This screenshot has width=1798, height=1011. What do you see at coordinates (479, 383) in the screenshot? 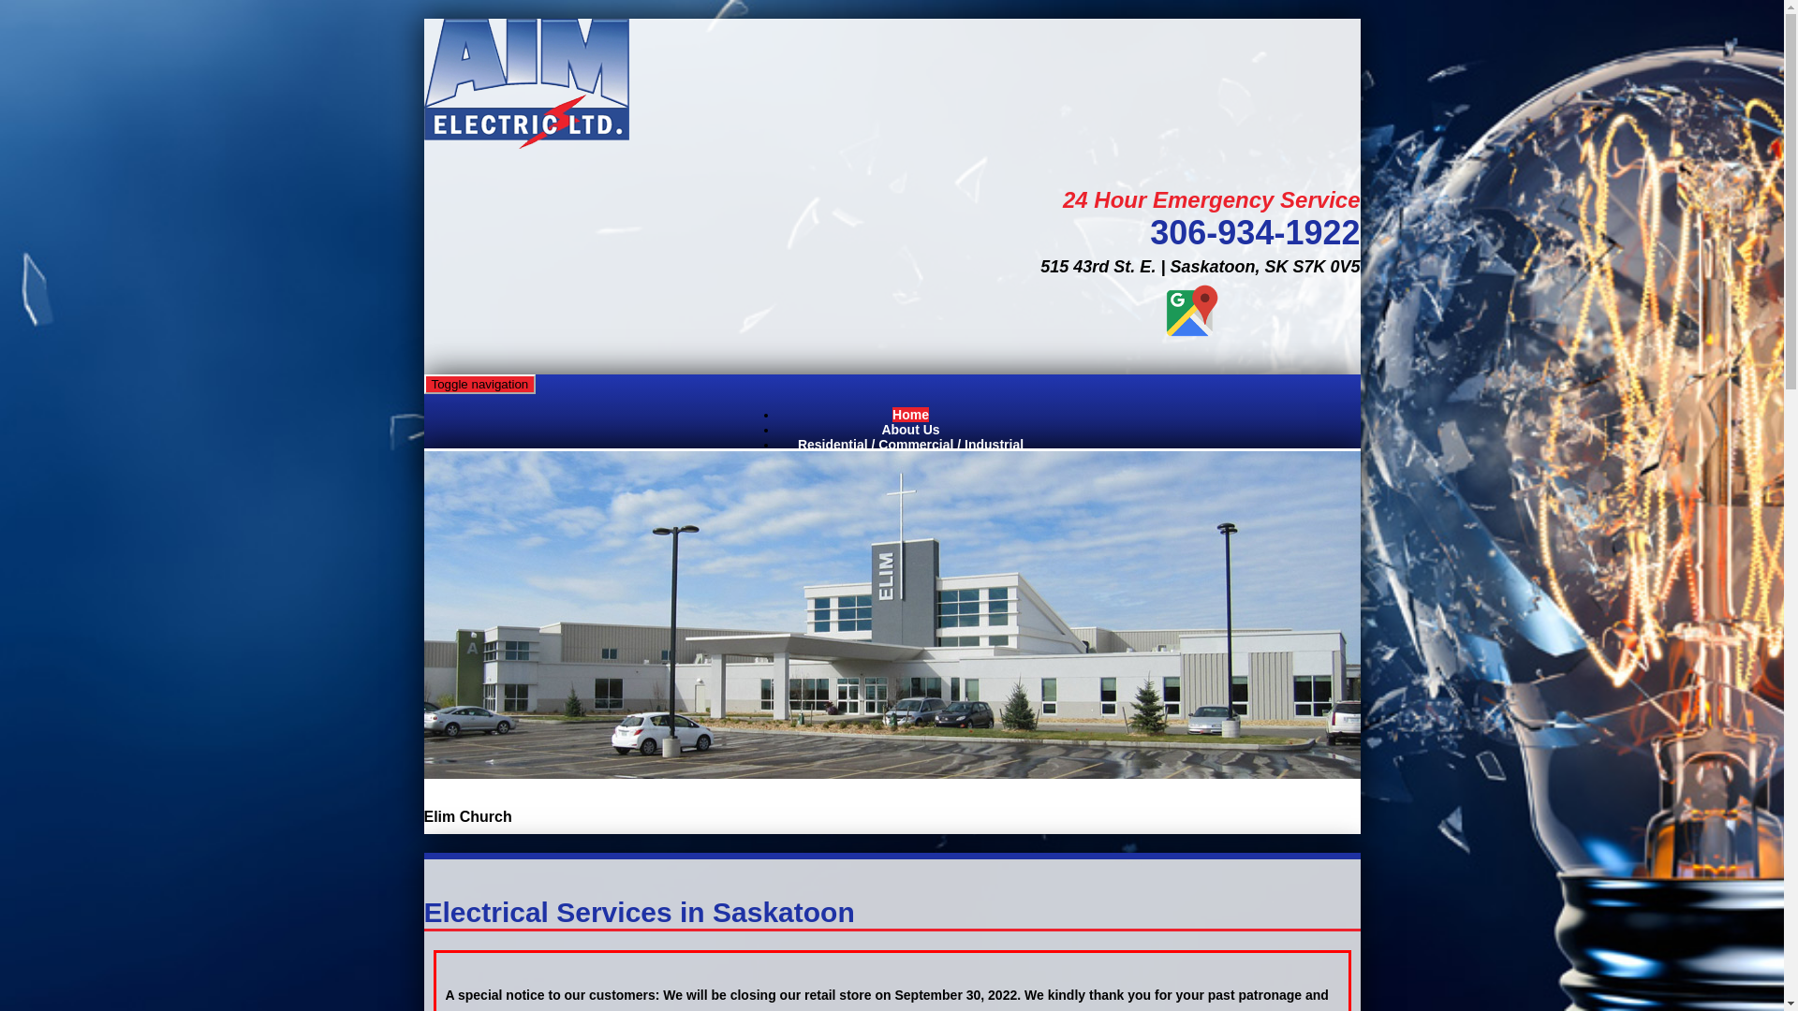
I see `'Toggle navigation'` at bounding box center [479, 383].